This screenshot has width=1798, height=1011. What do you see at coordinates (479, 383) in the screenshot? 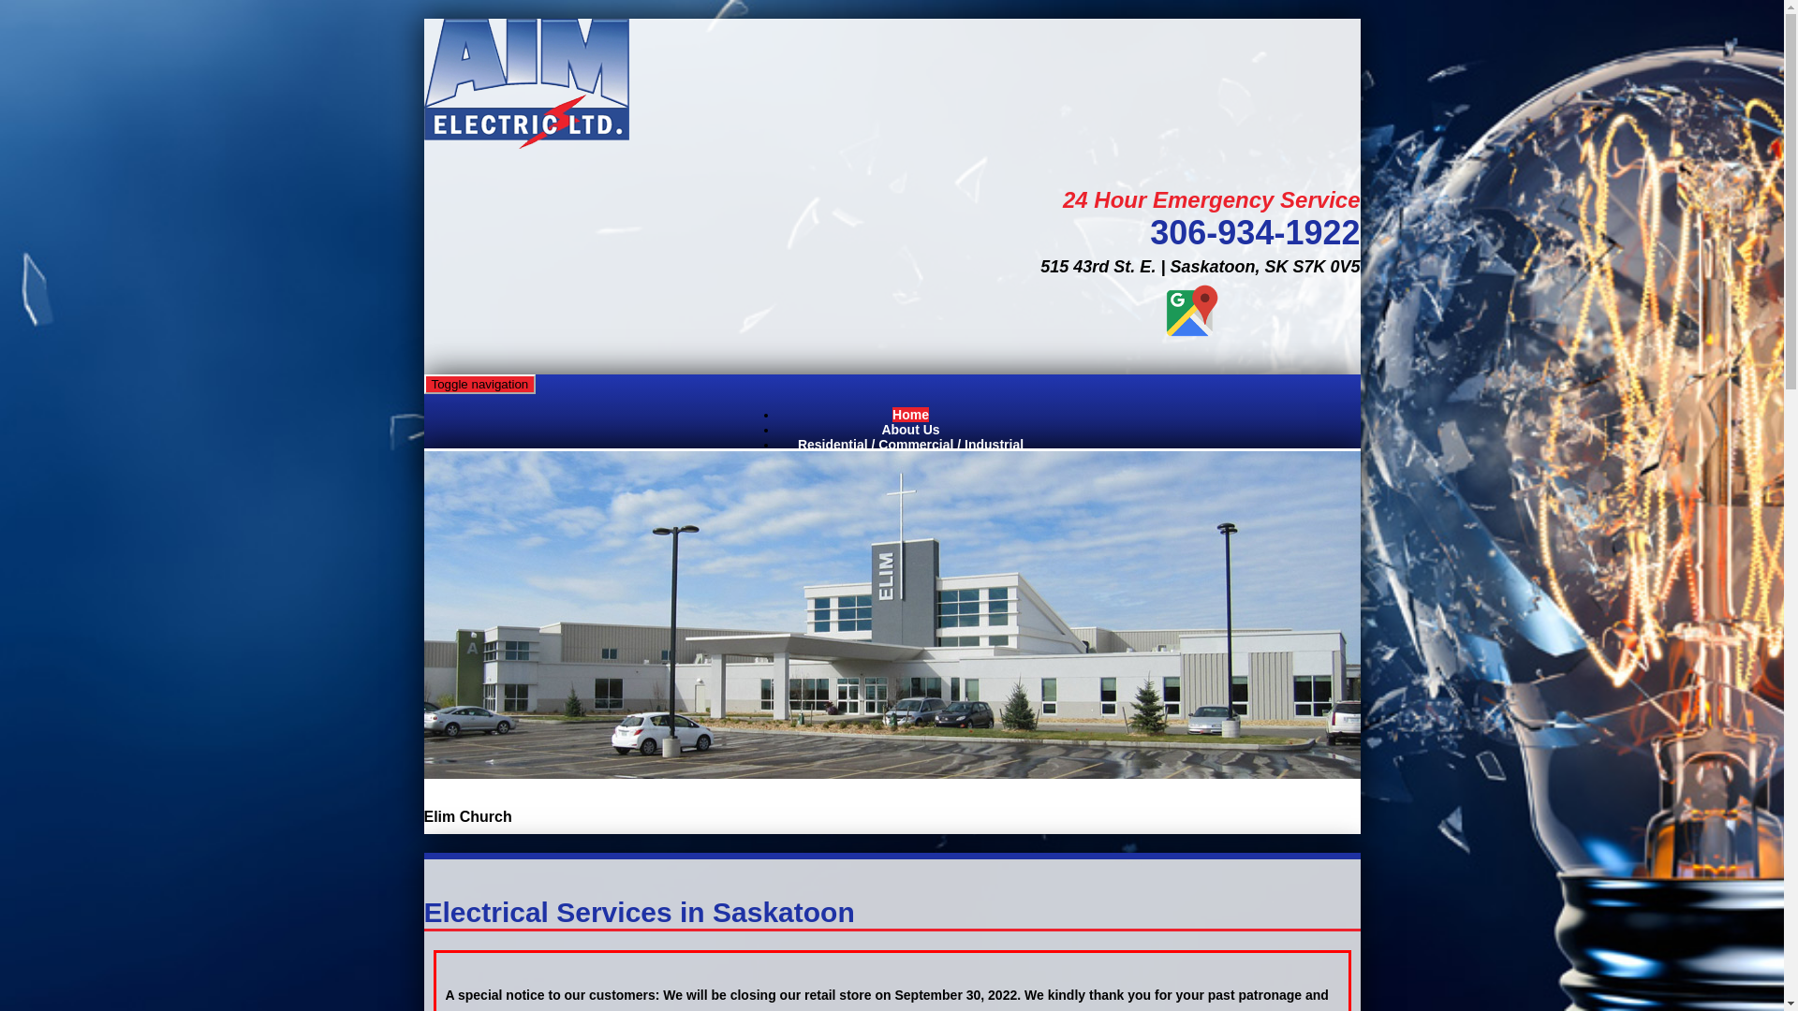
I see `'Toggle navigation'` at bounding box center [479, 383].